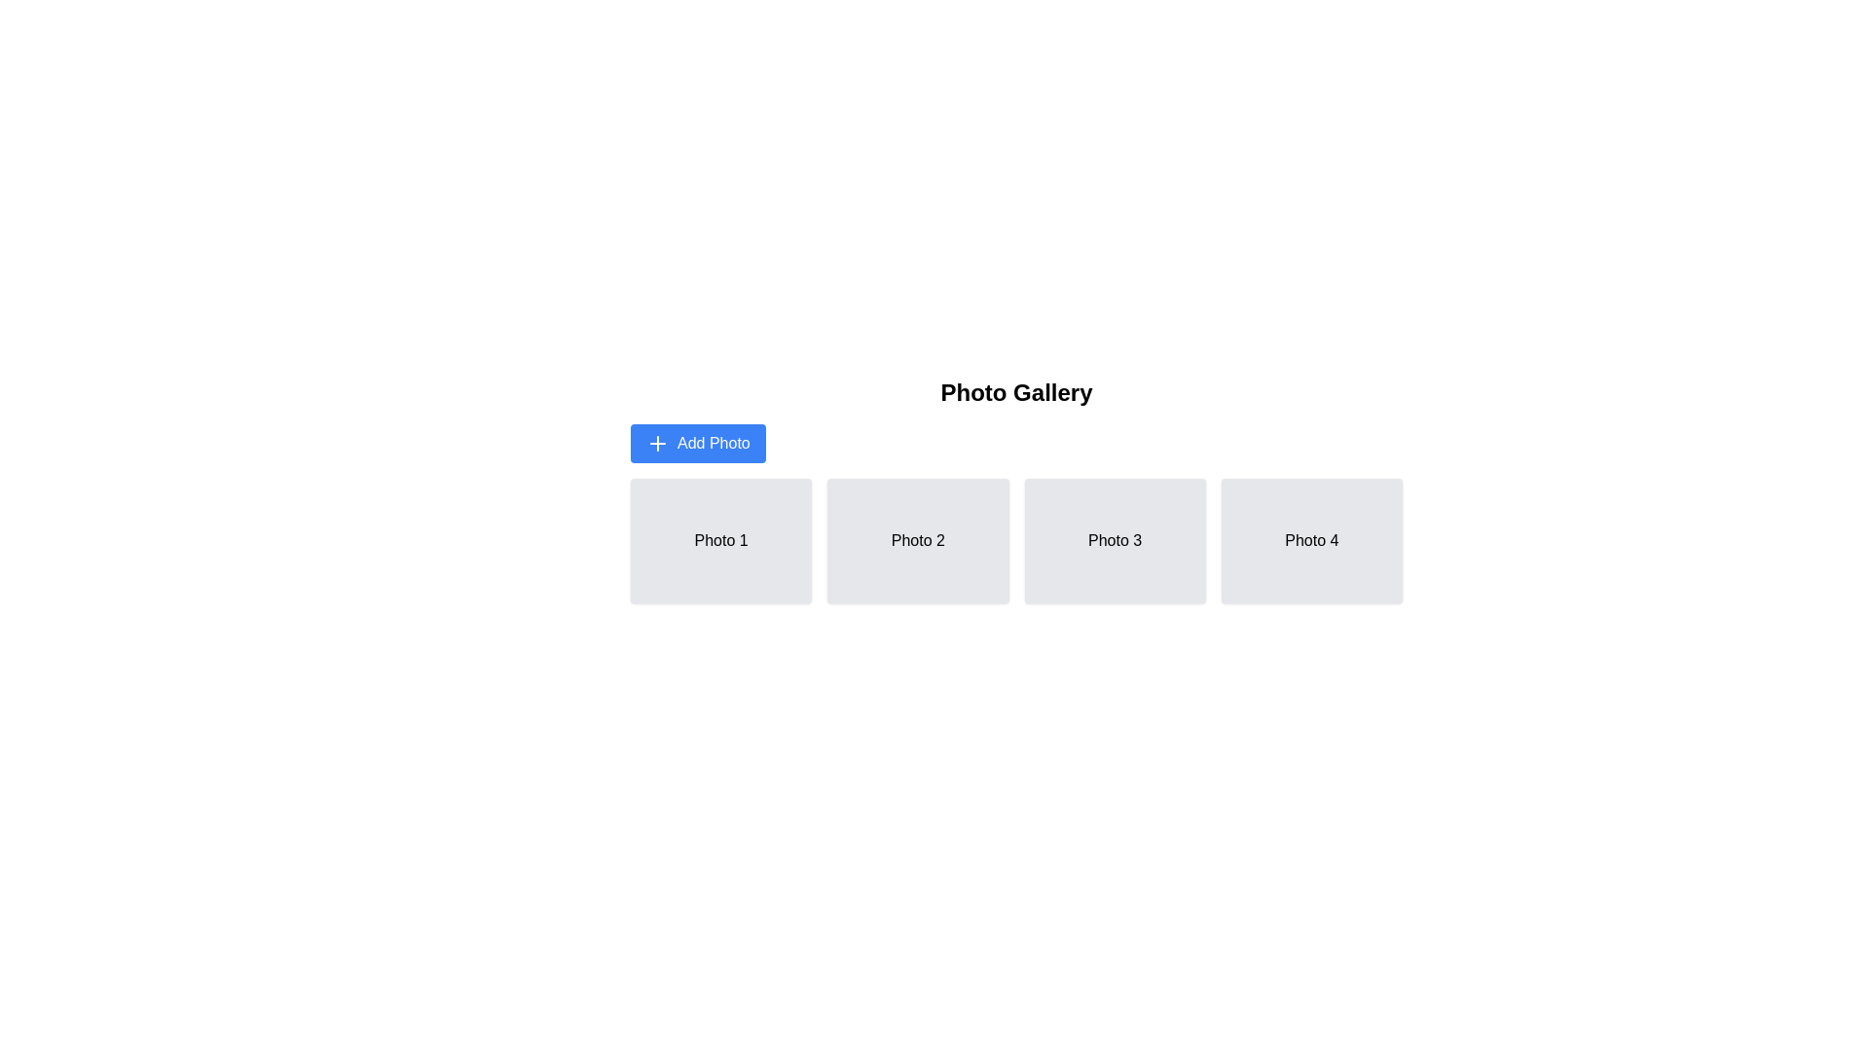 This screenshot has height=1051, width=1869. Describe the element at coordinates (1015, 540) in the screenshot. I see `the labels in the Grid Layout that displays photos or items below the 'Photo Gallery' heading for interactions` at that location.